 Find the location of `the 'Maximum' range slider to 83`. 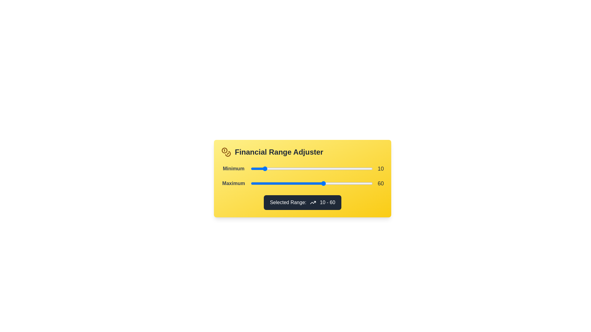

the 'Maximum' range slider to 83 is located at coordinates (352, 183).